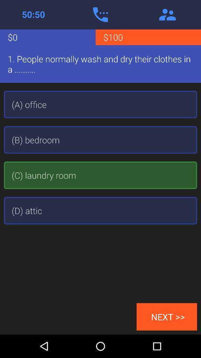  What do you see at coordinates (33, 14) in the screenshot?
I see `use the bonus 50:50` at bounding box center [33, 14].